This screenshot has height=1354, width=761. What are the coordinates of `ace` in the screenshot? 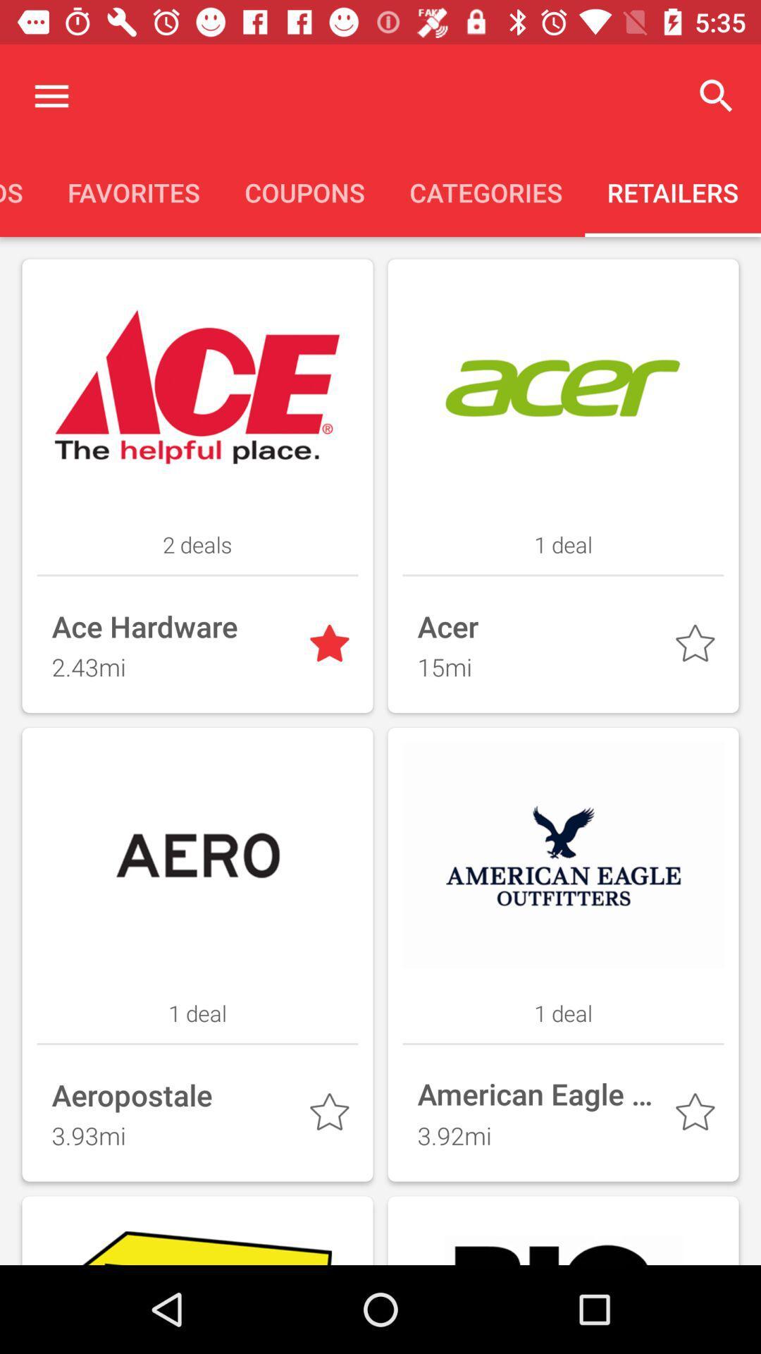 It's located at (332, 646).